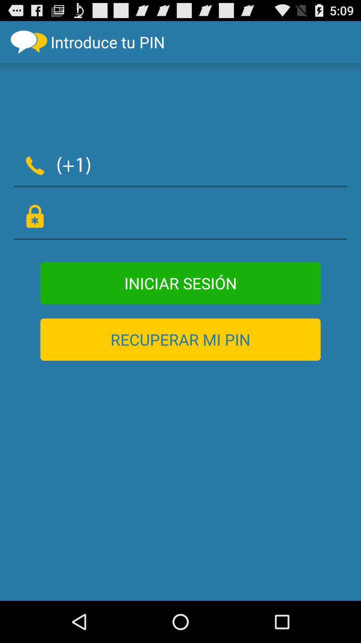 Image resolution: width=361 pixels, height=643 pixels. What do you see at coordinates (180, 283) in the screenshot?
I see `item above the recuperar mi pin` at bounding box center [180, 283].